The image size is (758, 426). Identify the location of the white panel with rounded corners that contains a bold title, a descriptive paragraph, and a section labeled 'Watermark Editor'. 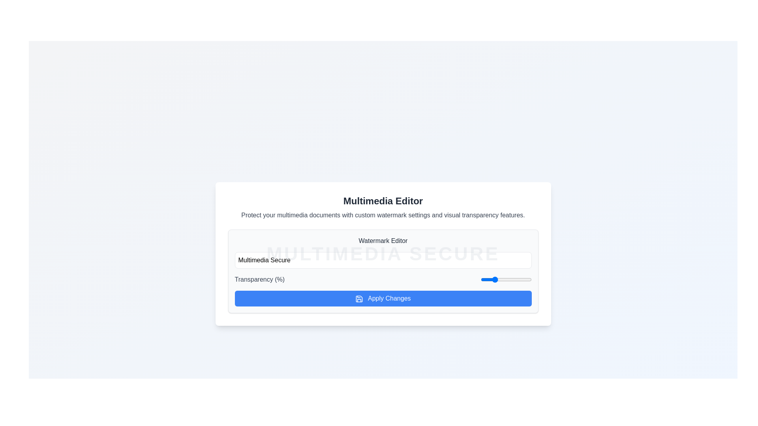
(383, 254).